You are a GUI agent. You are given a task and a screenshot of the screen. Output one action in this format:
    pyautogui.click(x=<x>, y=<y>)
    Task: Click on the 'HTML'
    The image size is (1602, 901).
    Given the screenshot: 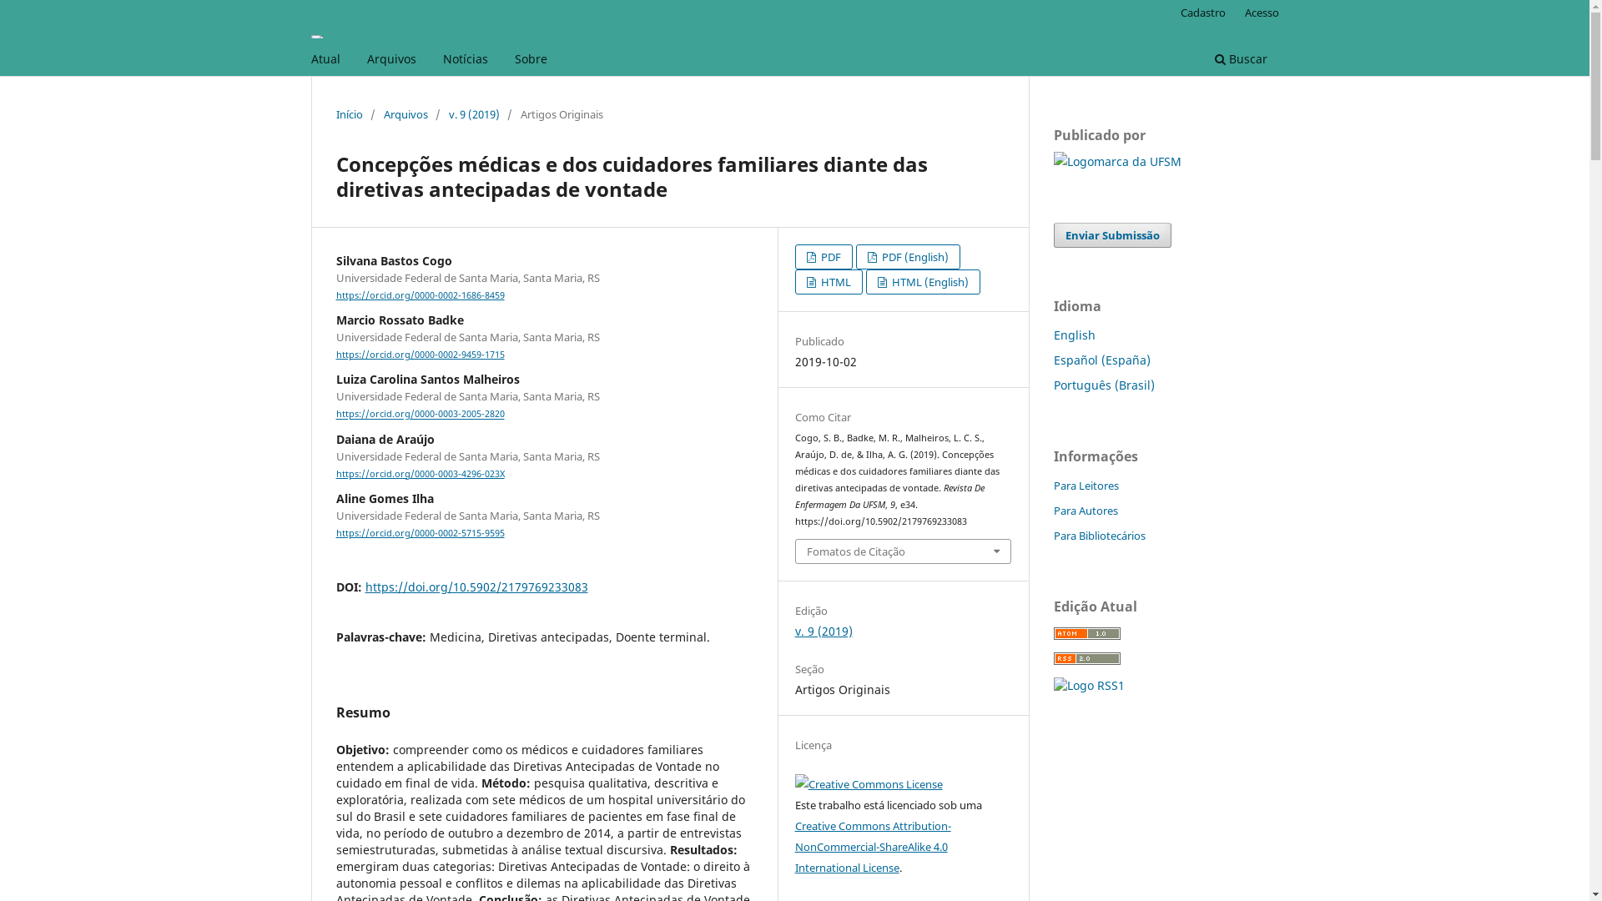 What is the action you would take?
    pyautogui.click(x=829, y=281)
    